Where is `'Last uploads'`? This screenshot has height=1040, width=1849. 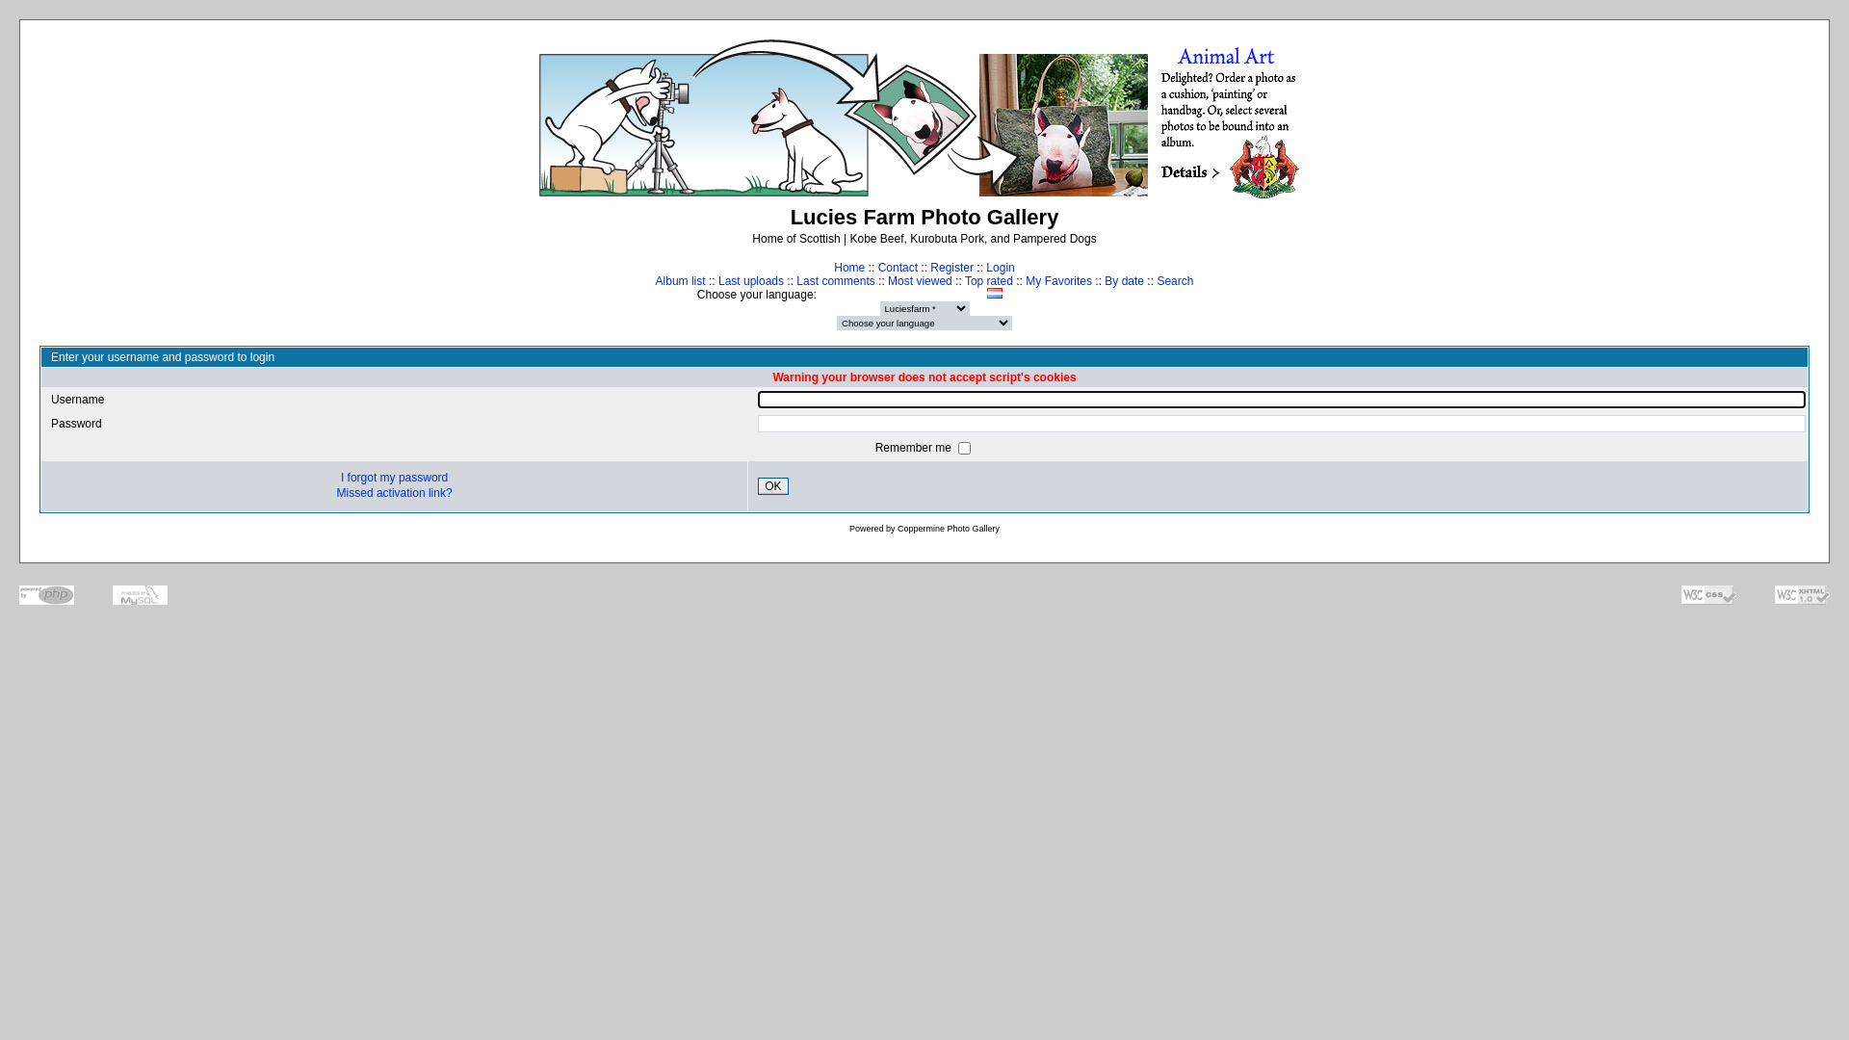 'Last uploads' is located at coordinates (749, 281).